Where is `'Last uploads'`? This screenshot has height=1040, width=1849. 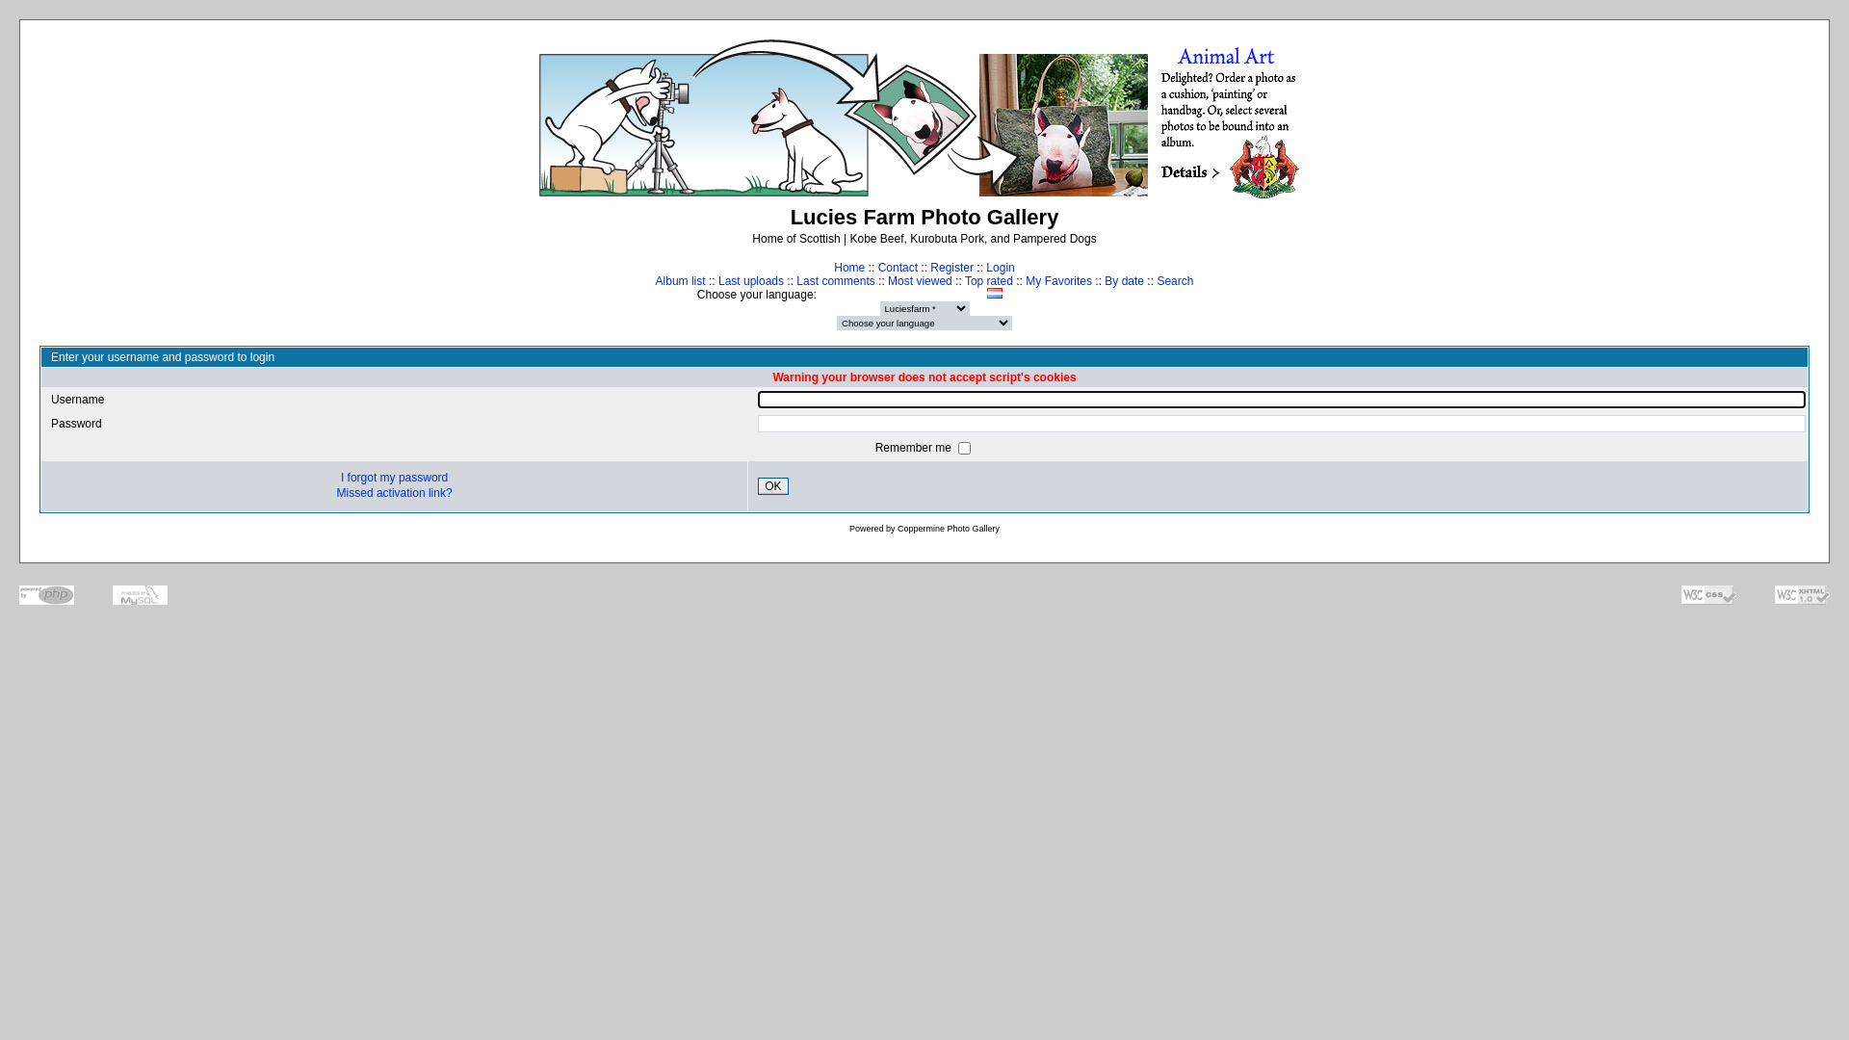 'Last uploads' is located at coordinates (749, 281).